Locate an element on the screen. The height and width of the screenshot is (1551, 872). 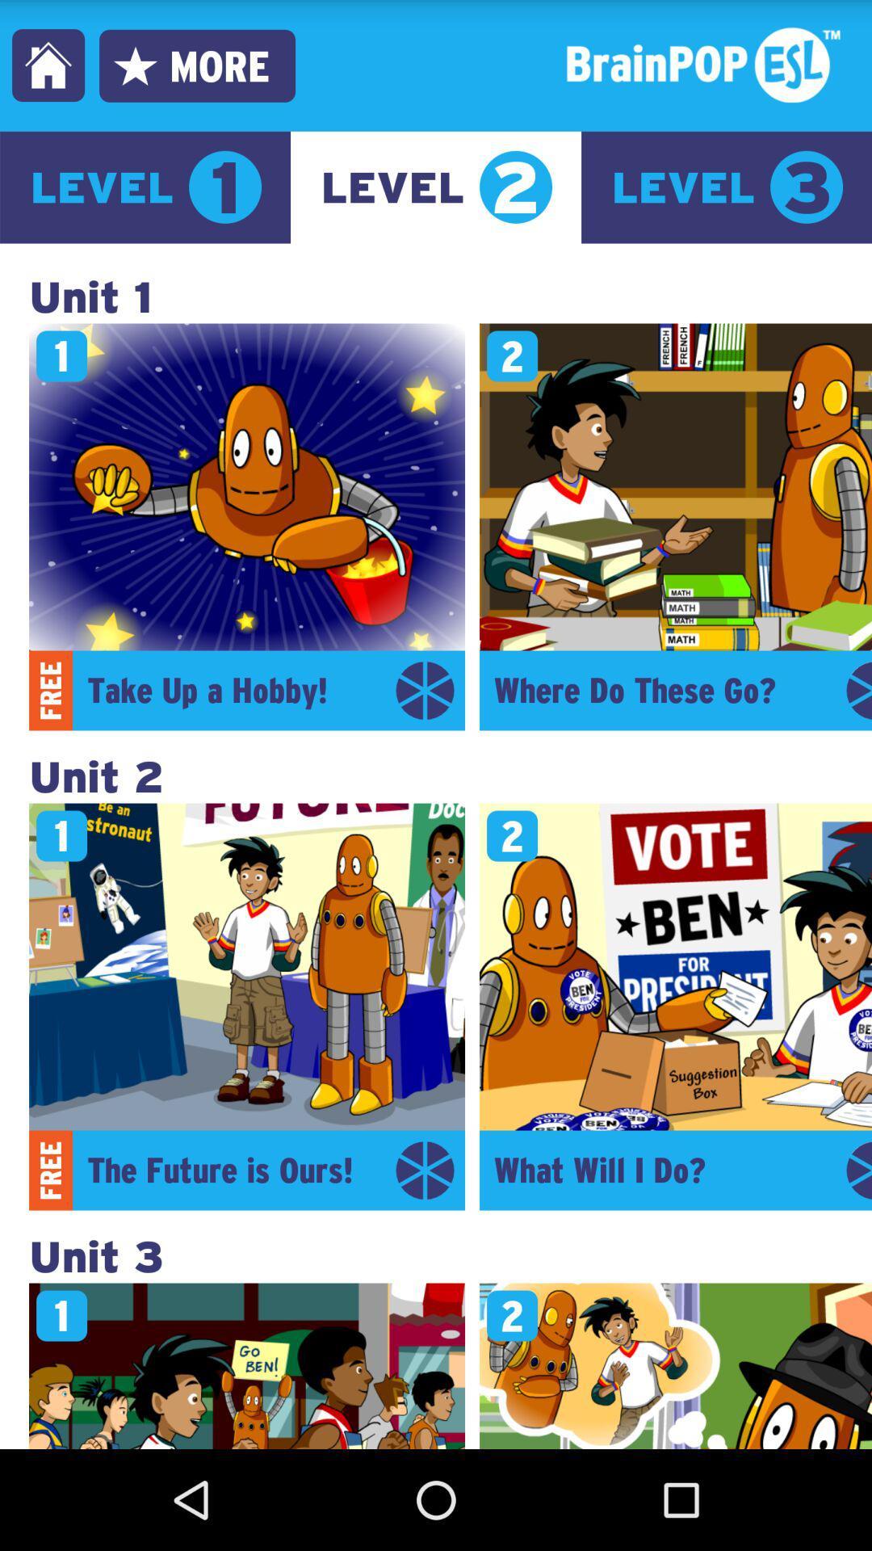
the icon which is at the top left of the page is located at coordinates (48, 65).